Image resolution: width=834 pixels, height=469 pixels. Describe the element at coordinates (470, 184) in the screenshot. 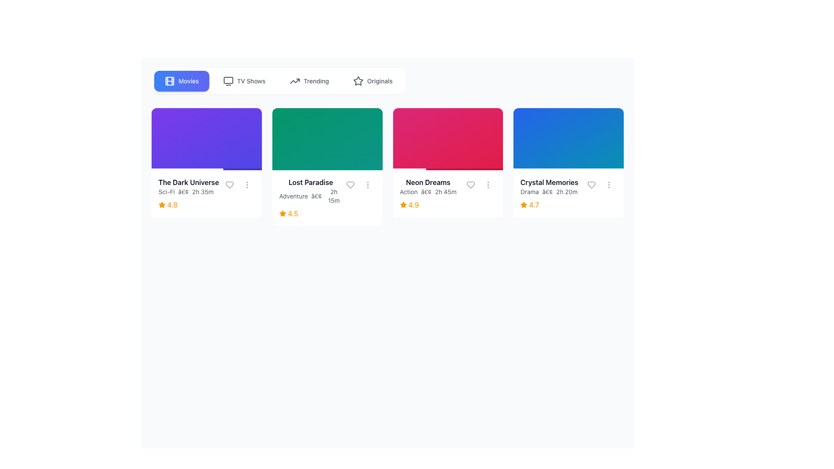

I see `the heart-shaped icon button in the 'Neon Dreams' card` at that location.